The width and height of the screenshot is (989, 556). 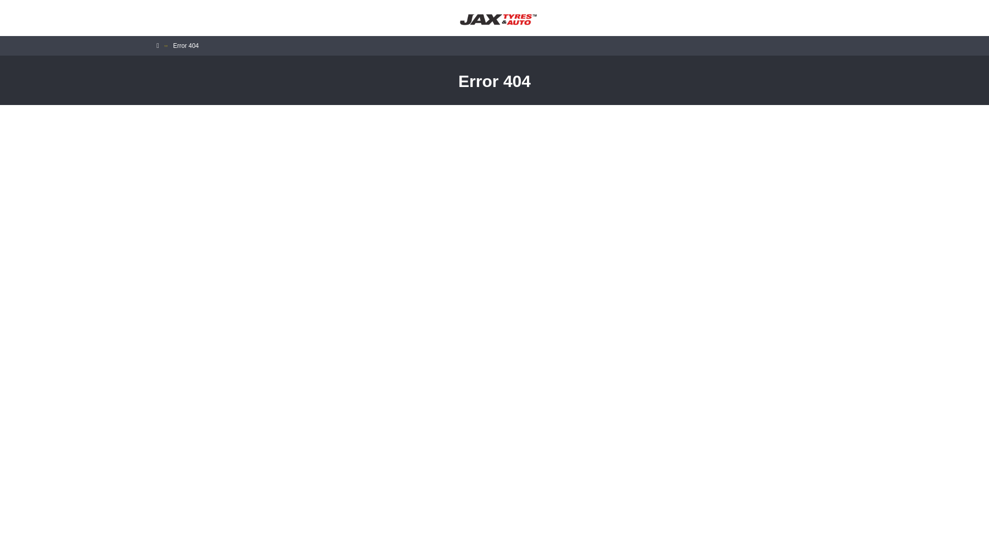 What do you see at coordinates (185, 45) in the screenshot?
I see `'Error 404'` at bounding box center [185, 45].